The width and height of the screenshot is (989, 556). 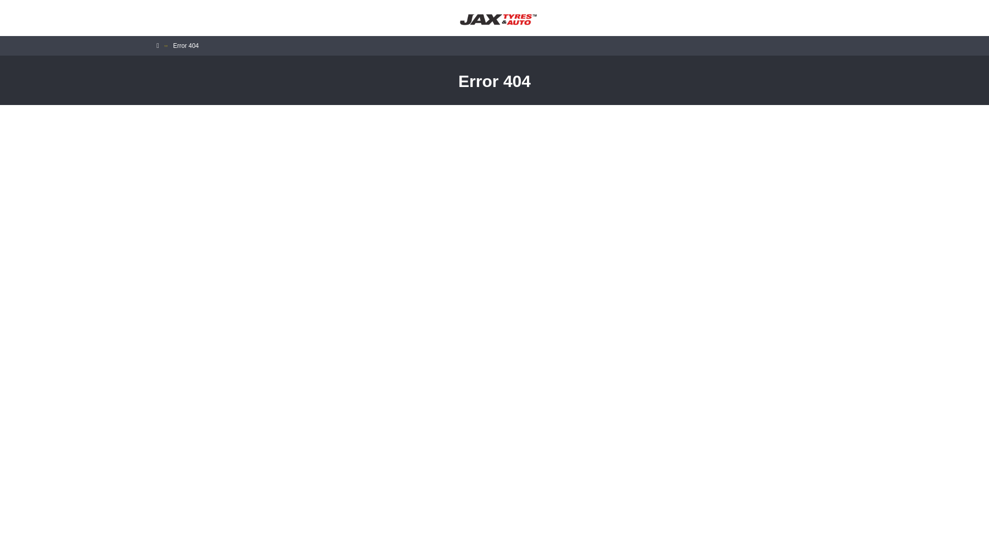 What do you see at coordinates (185, 45) in the screenshot?
I see `'Error 404'` at bounding box center [185, 45].